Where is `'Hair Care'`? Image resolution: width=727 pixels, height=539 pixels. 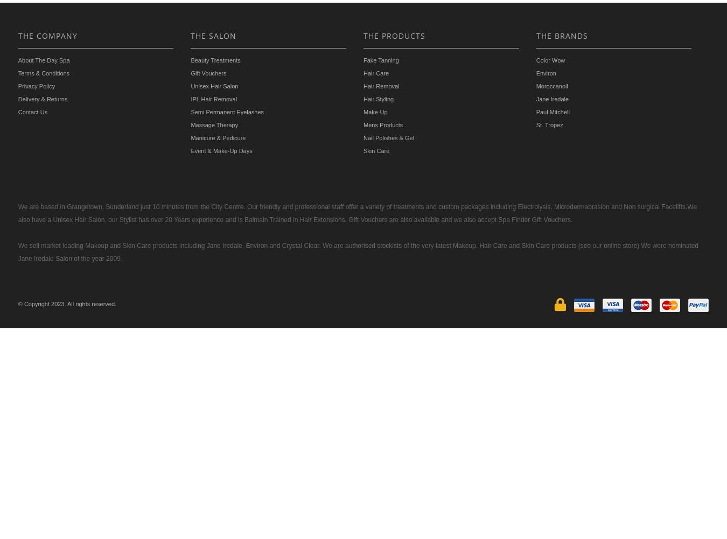 'Hair Care' is located at coordinates (375, 73).